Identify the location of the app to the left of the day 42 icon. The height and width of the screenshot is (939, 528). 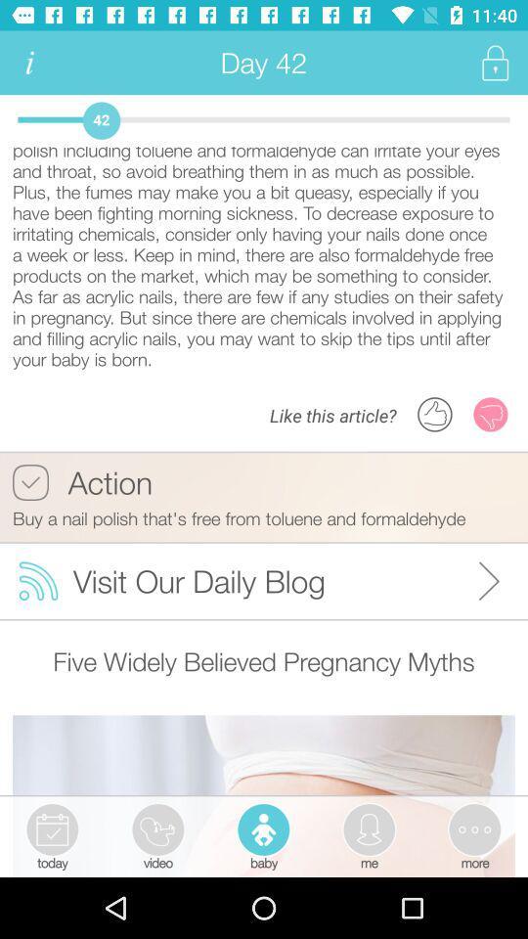
(28, 63).